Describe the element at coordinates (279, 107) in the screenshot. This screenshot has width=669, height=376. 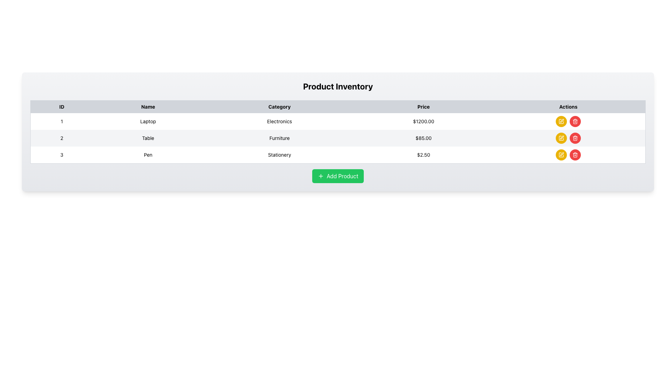
I see `the third column header in the table that indicates product categories, positioned between the 'Name' and 'Price' headers` at that location.